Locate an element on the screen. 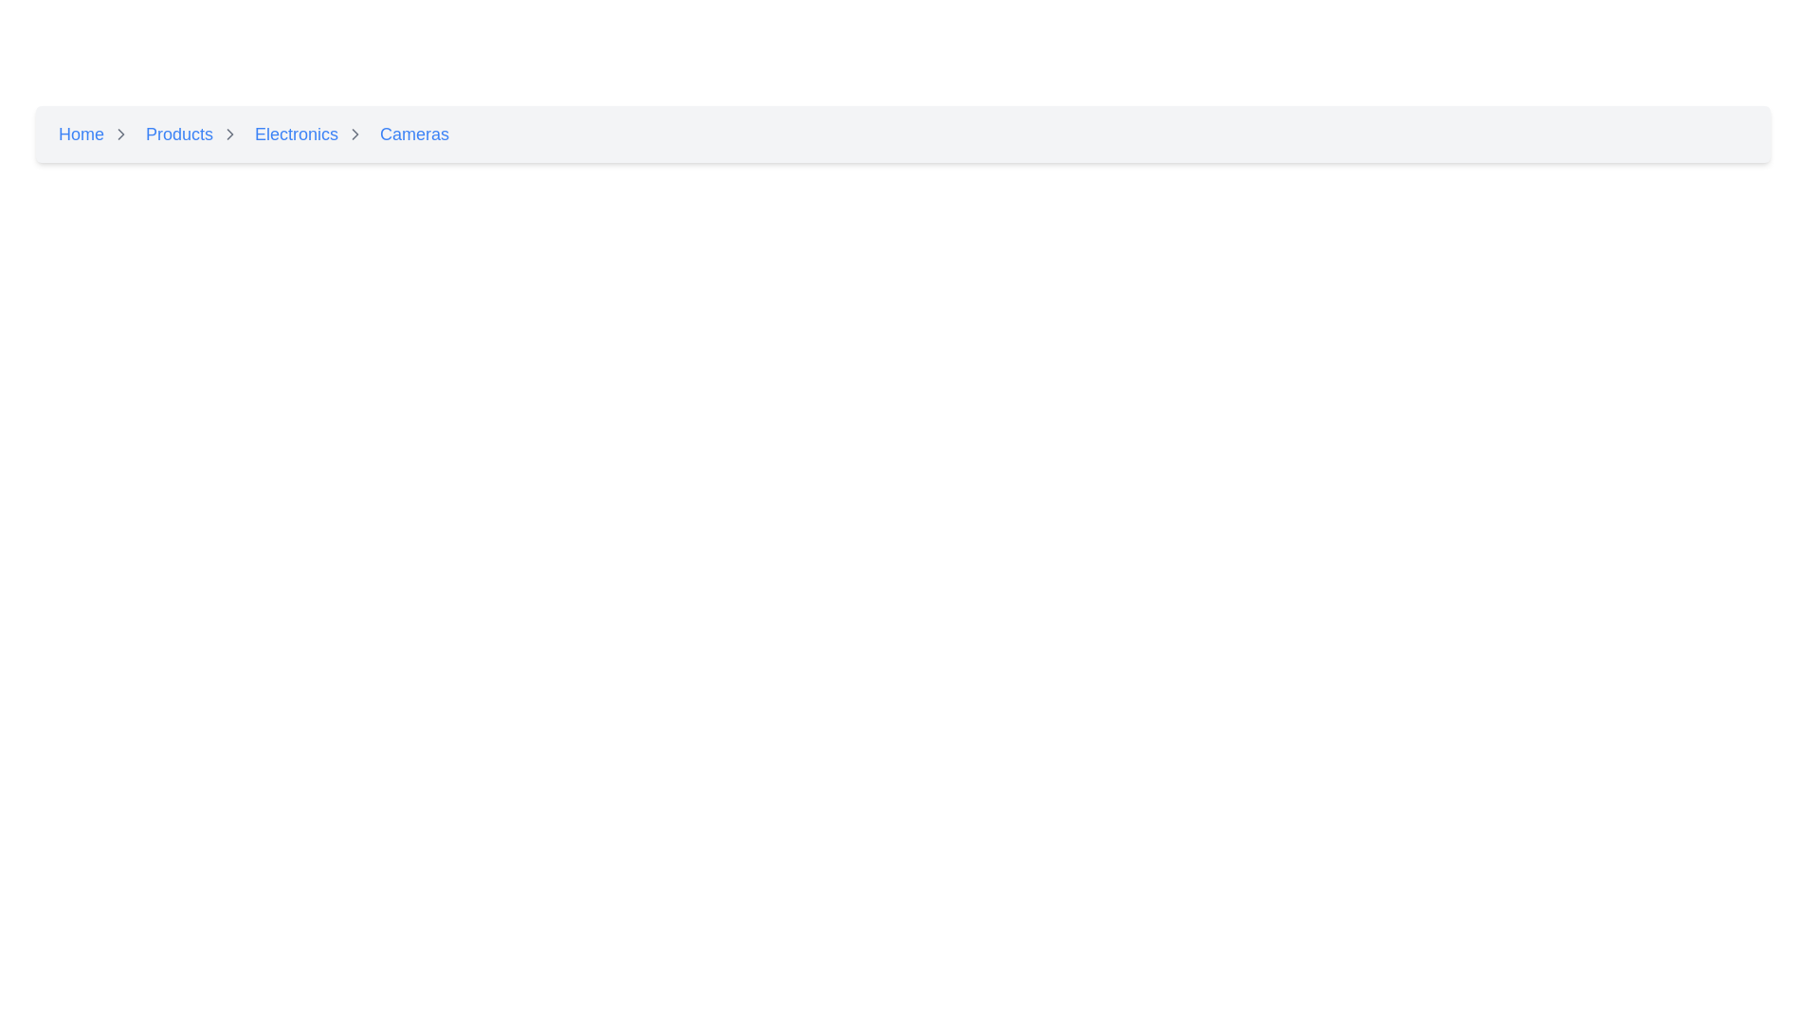  the 'Electronics' navigation link in the breadcrumb trail is located at coordinates (314, 134).